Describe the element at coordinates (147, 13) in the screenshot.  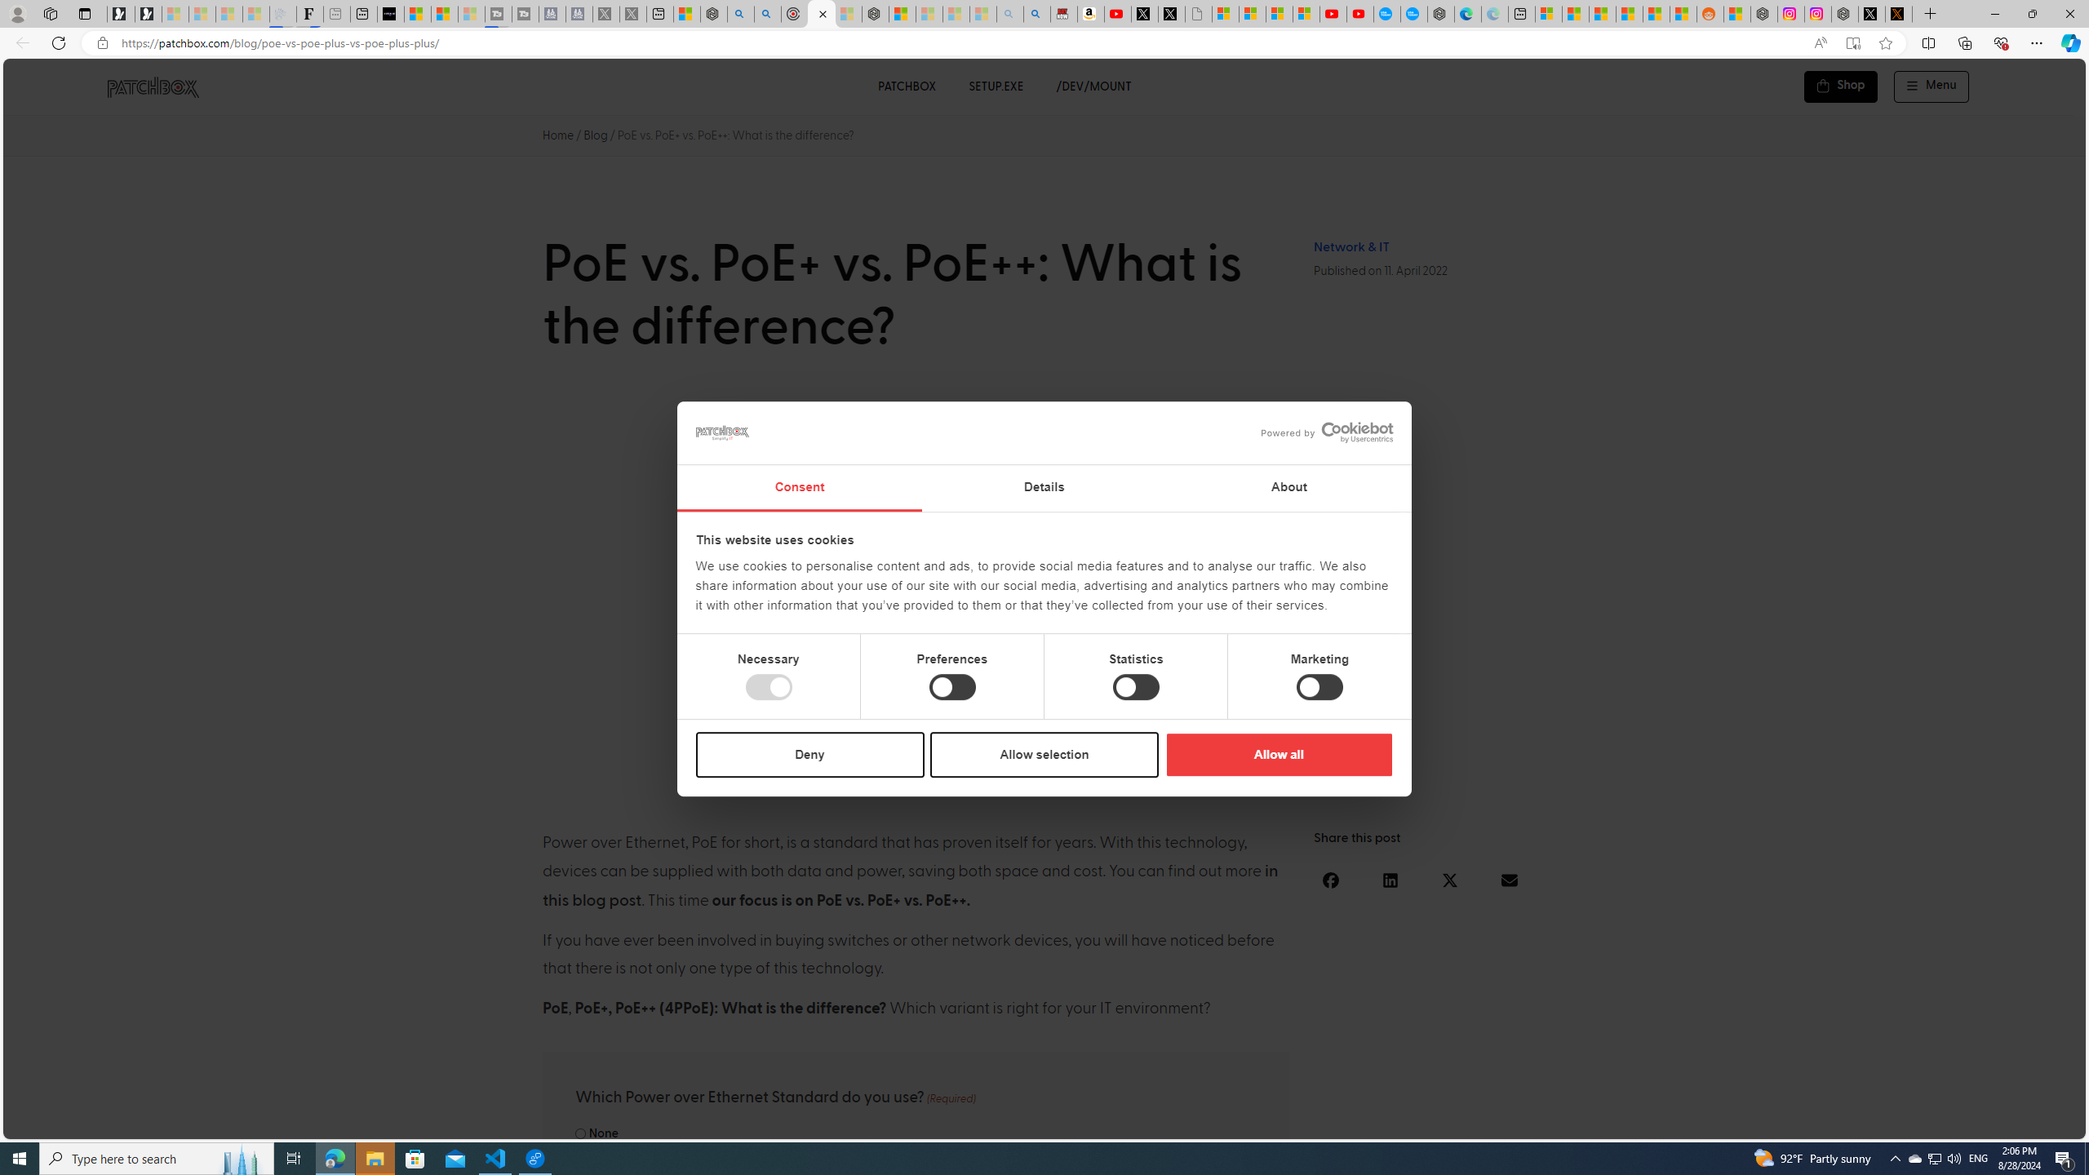
I see `'Newsletter Sign Up'` at that location.